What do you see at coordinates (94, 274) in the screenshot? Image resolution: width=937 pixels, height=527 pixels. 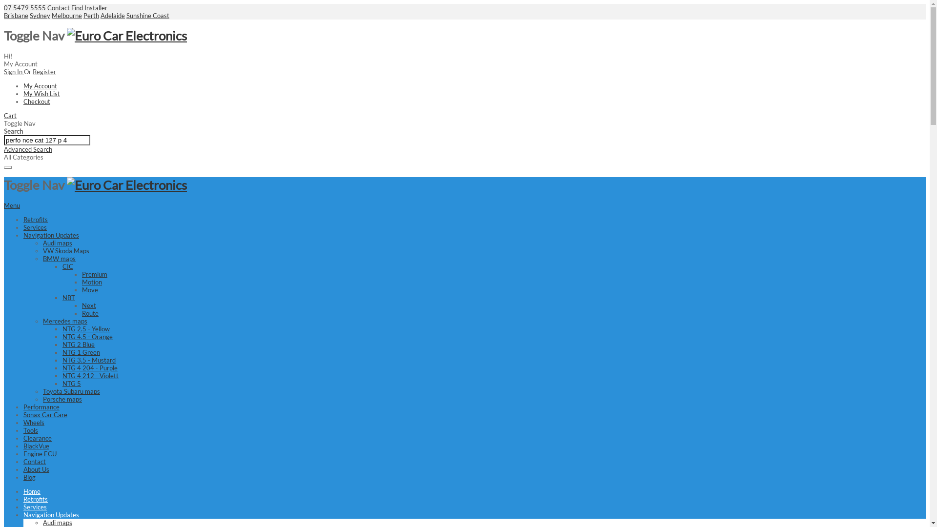 I see `'Premium'` at bounding box center [94, 274].